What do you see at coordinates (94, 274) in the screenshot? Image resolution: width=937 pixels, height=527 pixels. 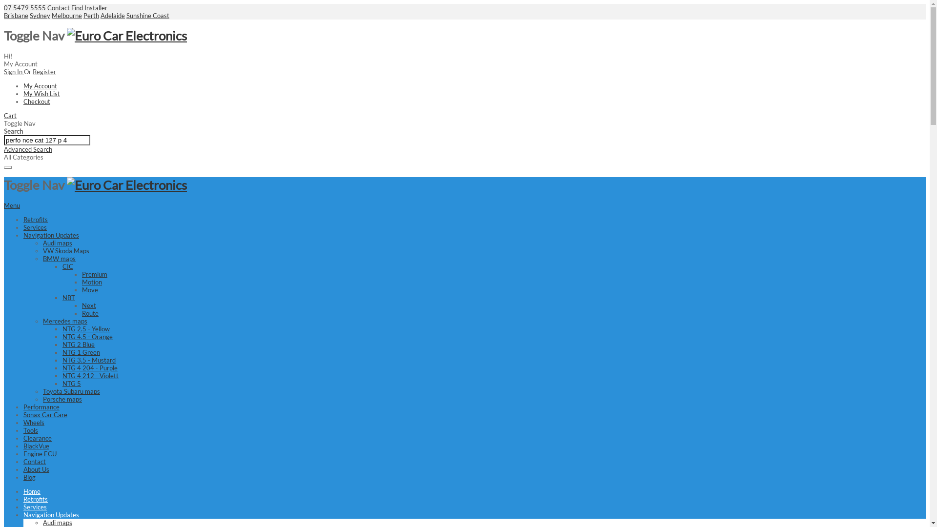 I see `'Premium'` at bounding box center [94, 274].